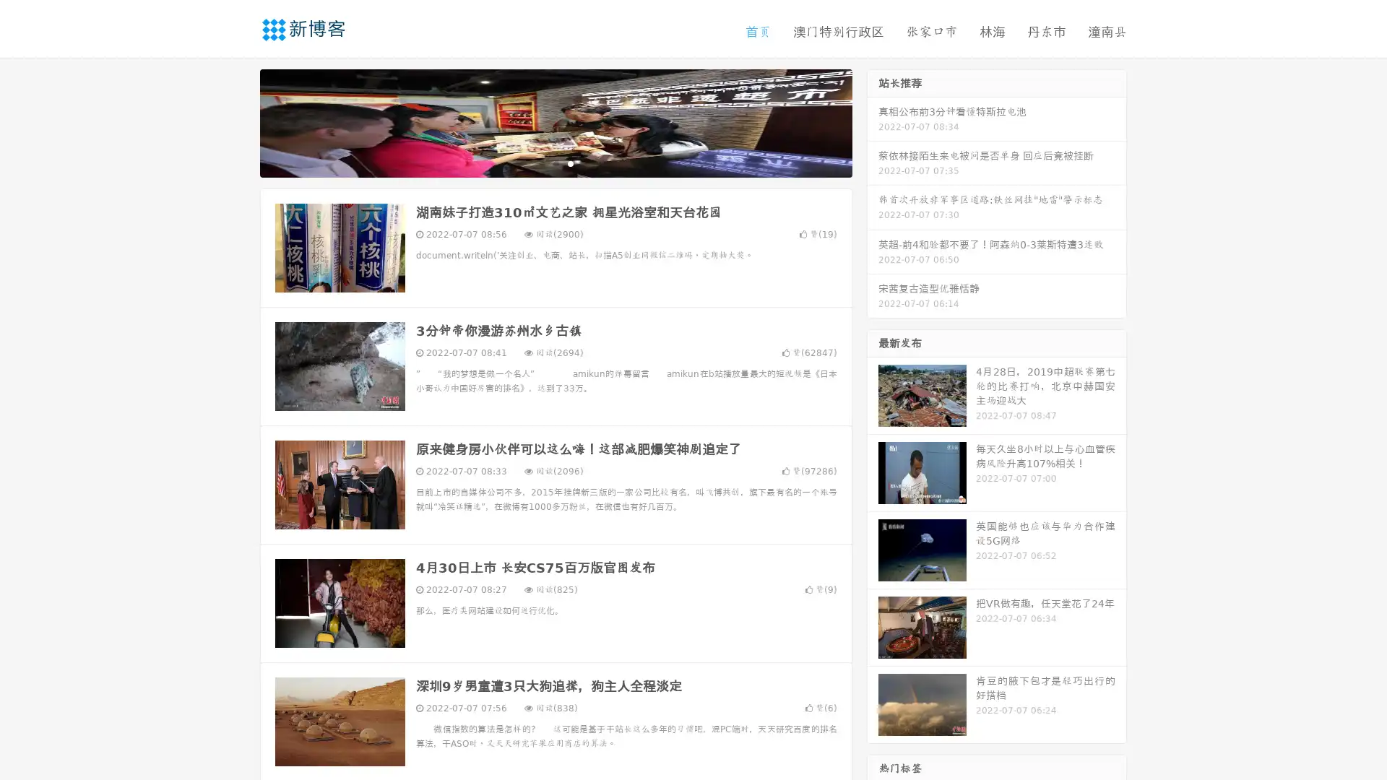  Describe the element at coordinates (238, 121) in the screenshot. I see `Previous slide` at that location.